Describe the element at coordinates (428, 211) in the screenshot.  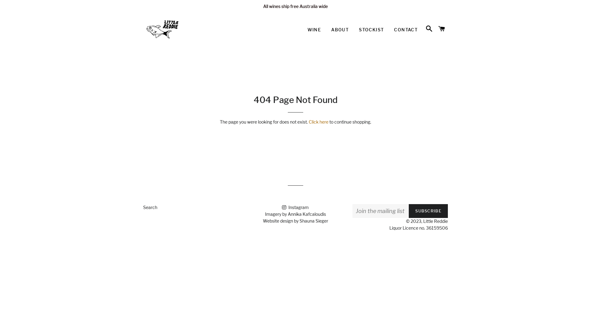
I see `'SUBSCRIBE'` at that location.